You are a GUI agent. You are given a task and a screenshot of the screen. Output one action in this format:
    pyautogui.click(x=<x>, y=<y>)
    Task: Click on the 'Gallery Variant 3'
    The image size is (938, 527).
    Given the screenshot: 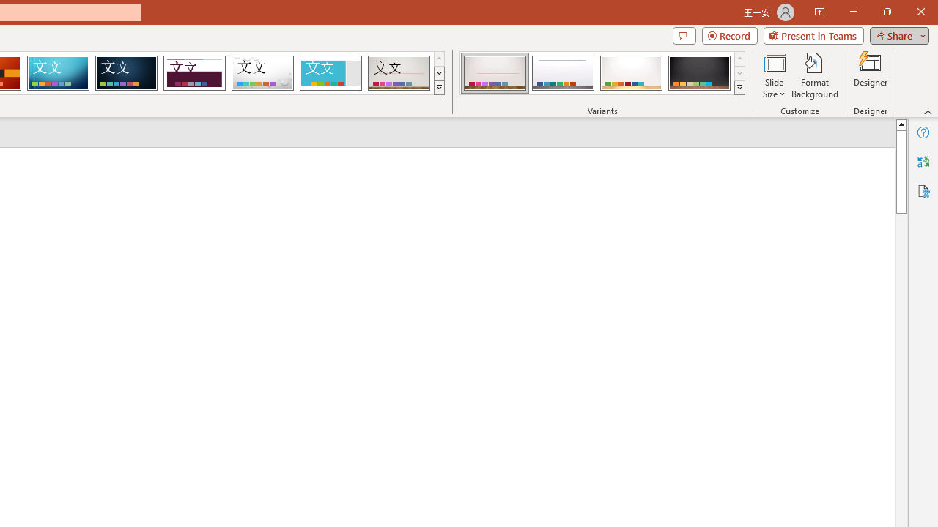 What is the action you would take?
    pyautogui.click(x=631, y=73)
    